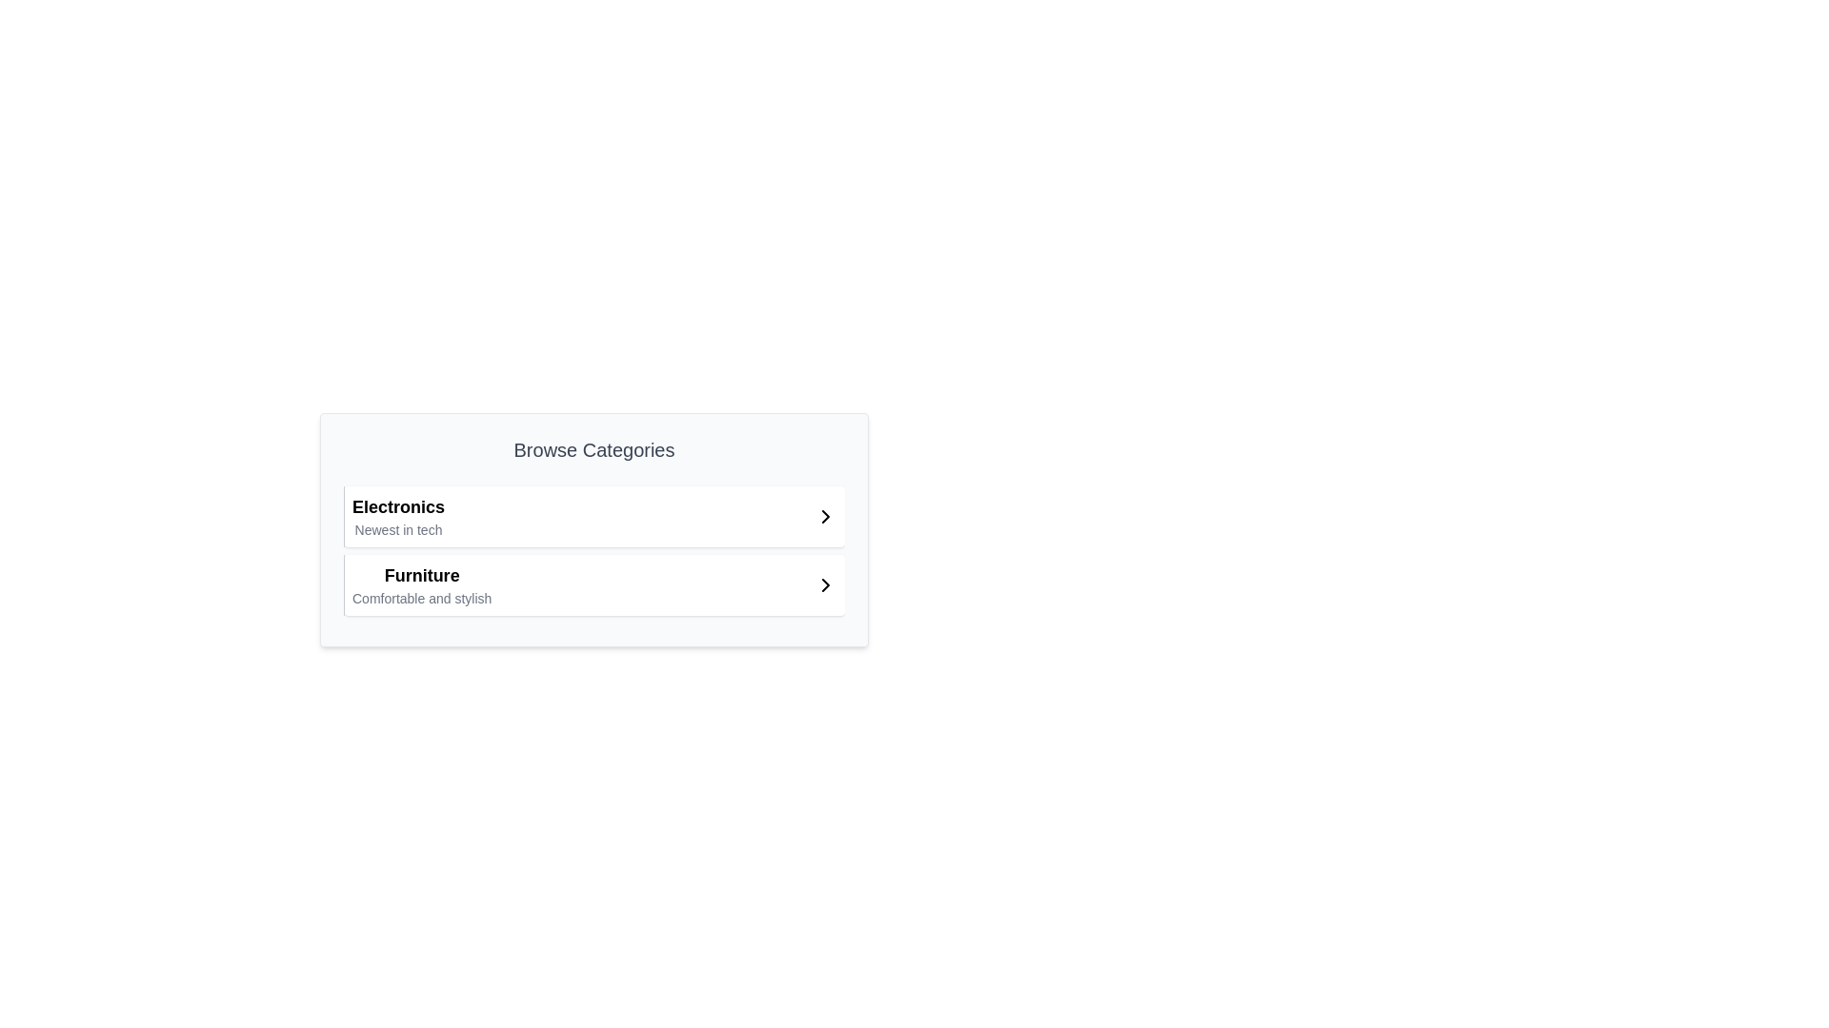 The width and height of the screenshot is (1829, 1028). I want to click on the right-pointing chevron icon in the 'Browse Categories' section next to the 'Electronics' category, so click(826, 517).